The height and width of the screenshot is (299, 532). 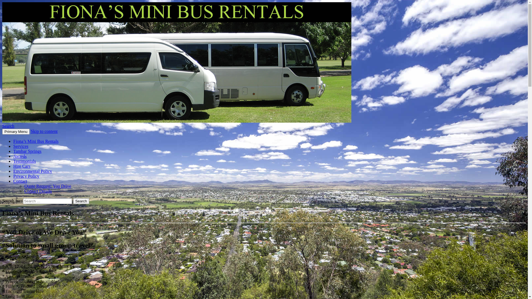 What do you see at coordinates (24, 191) in the screenshot?
I see `'Contact Details'` at bounding box center [24, 191].